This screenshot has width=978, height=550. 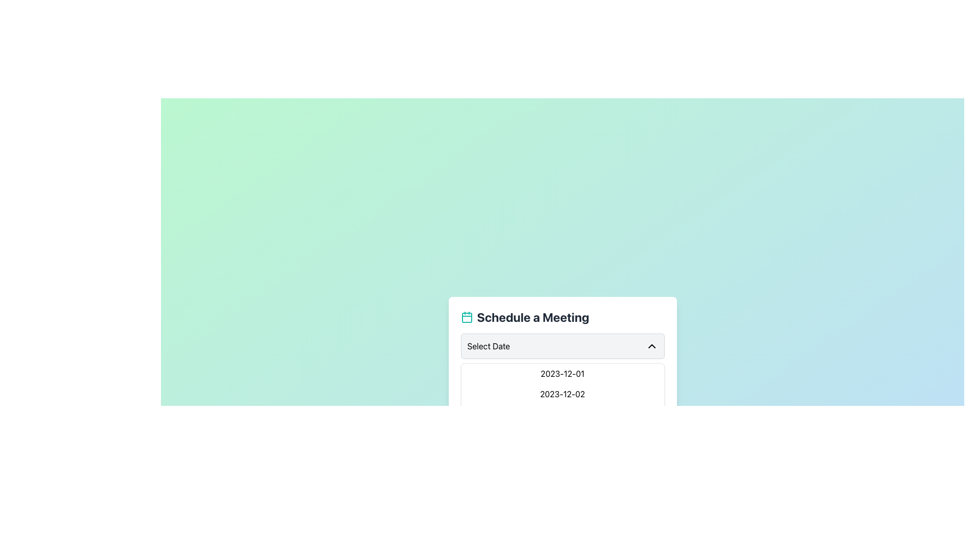 What do you see at coordinates (562, 373) in the screenshot?
I see `the 'Schedule a Meeting' widget` at bounding box center [562, 373].